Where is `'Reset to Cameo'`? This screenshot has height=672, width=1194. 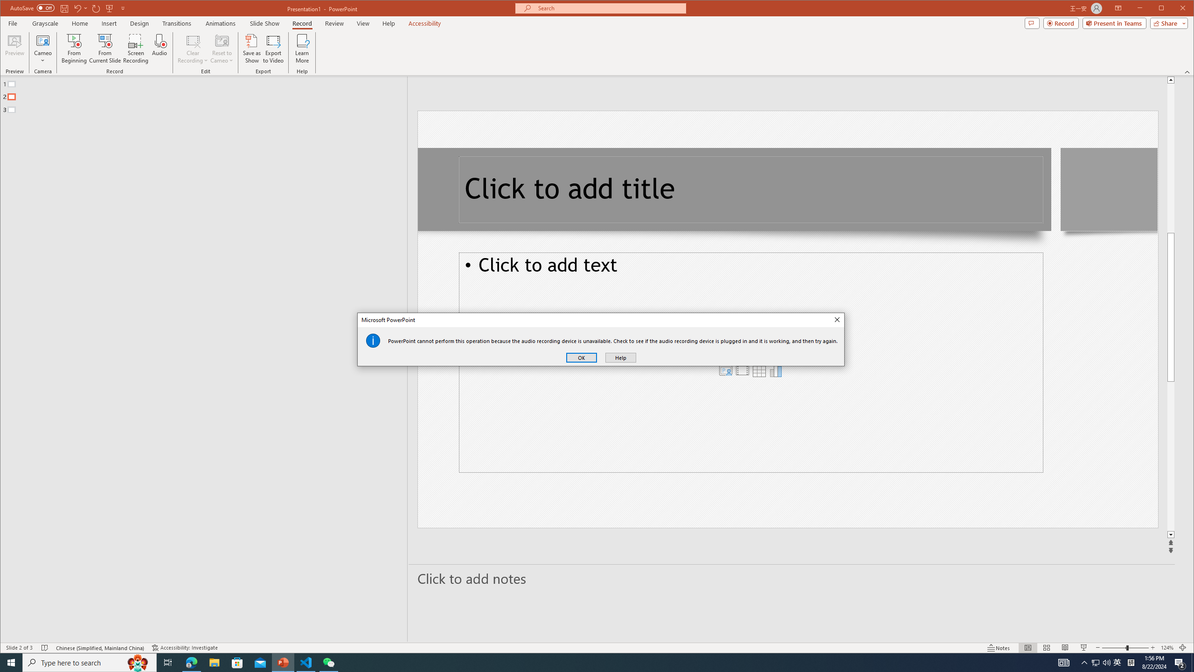
'Reset to Cameo' is located at coordinates (221, 48).